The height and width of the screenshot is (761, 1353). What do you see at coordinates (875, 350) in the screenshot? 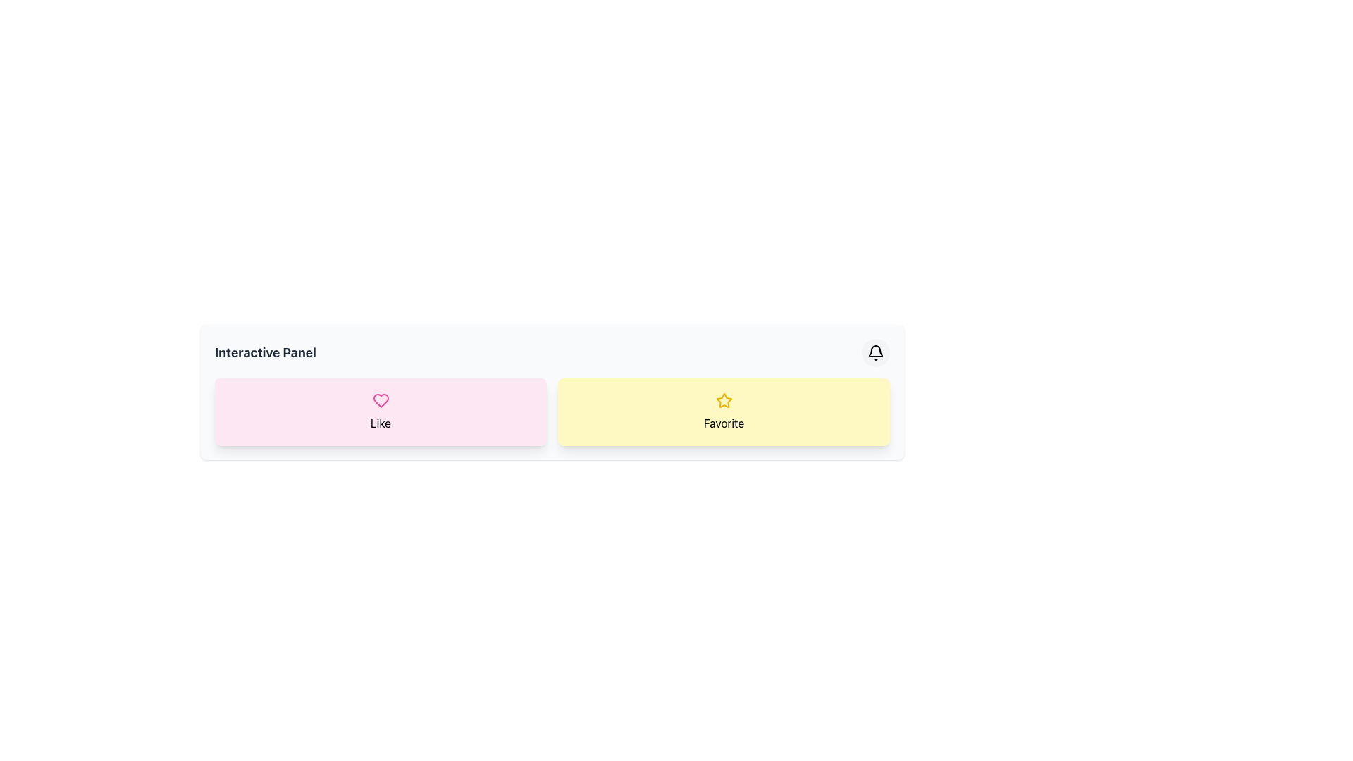
I see `the bell-shaped notification icon` at bounding box center [875, 350].